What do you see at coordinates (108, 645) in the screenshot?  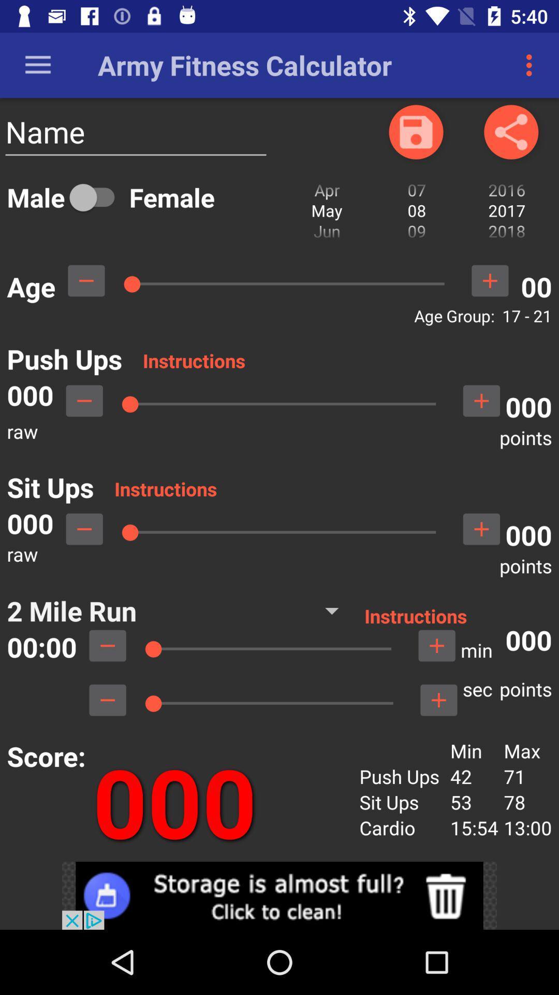 I see `the minus icon` at bounding box center [108, 645].